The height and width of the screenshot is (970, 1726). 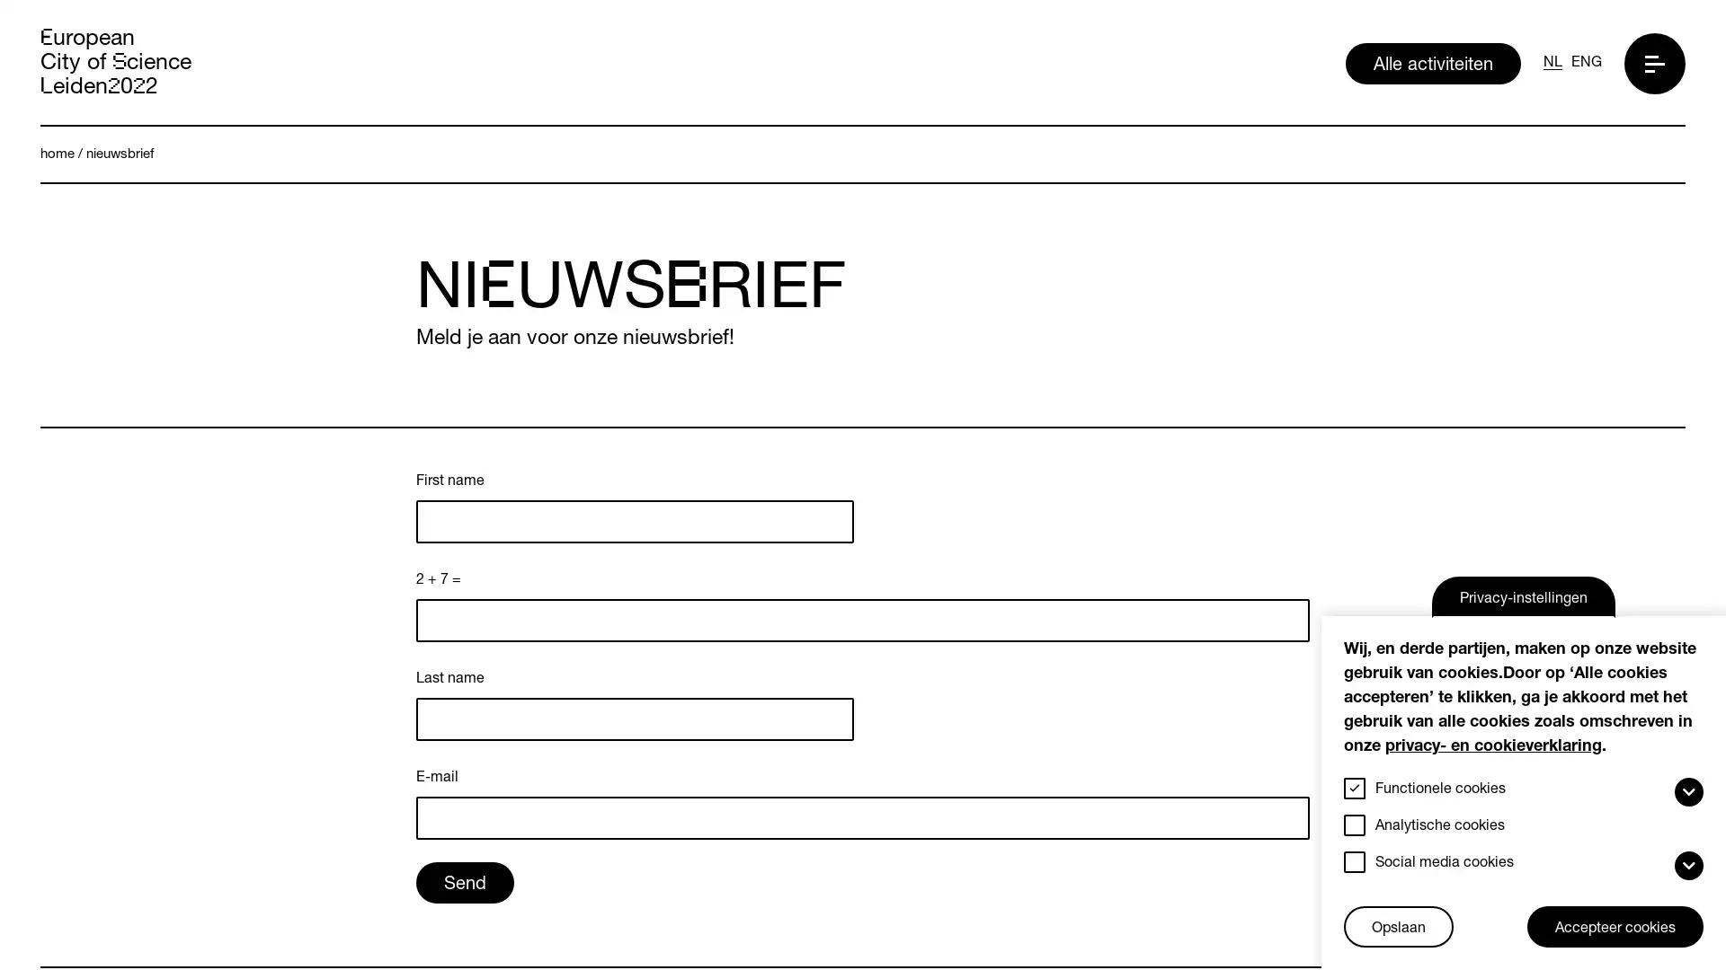 I want to click on Privacy-instellingen, so click(x=1522, y=596).